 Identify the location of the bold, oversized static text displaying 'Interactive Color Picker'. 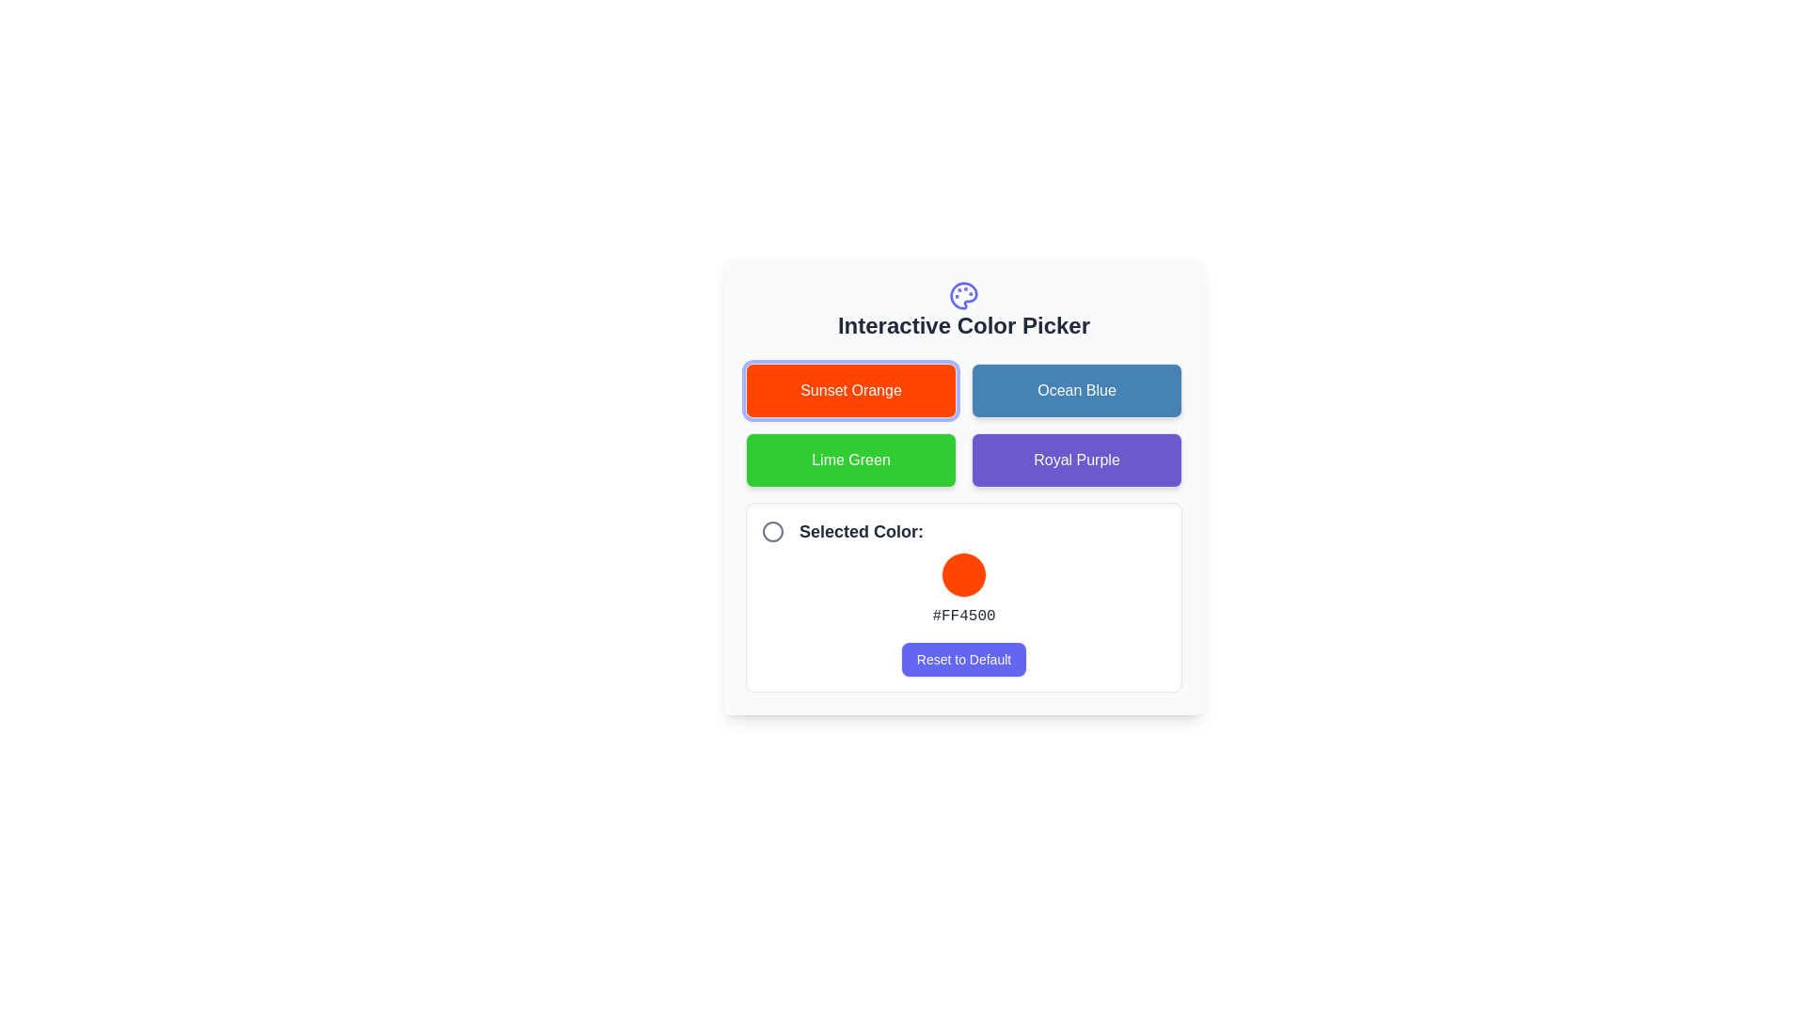
(964, 325).